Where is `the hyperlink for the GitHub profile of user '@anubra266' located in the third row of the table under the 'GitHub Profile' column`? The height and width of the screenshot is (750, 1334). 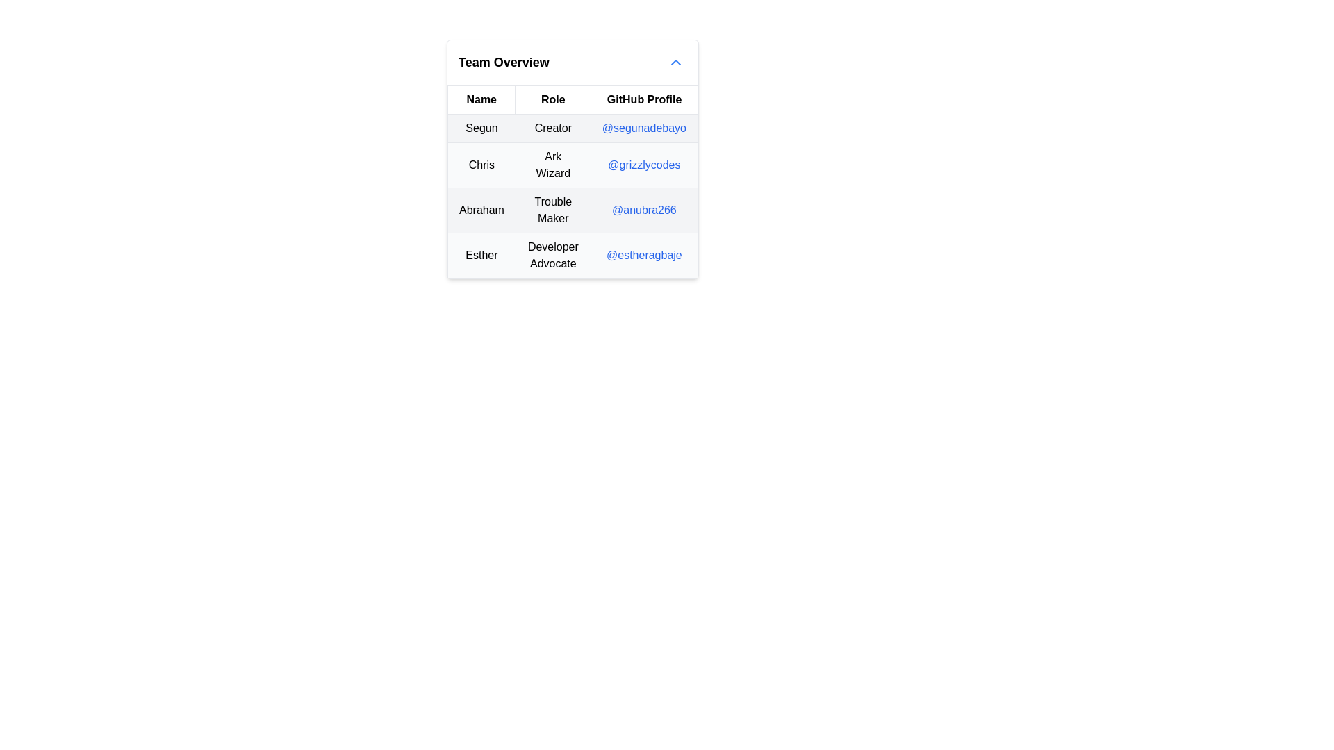
the hyperlink for the GitHub profile of user '@anubra266' located in the third row of the table under the 'GitHub Profile' column is located at coordinates (643, 210).